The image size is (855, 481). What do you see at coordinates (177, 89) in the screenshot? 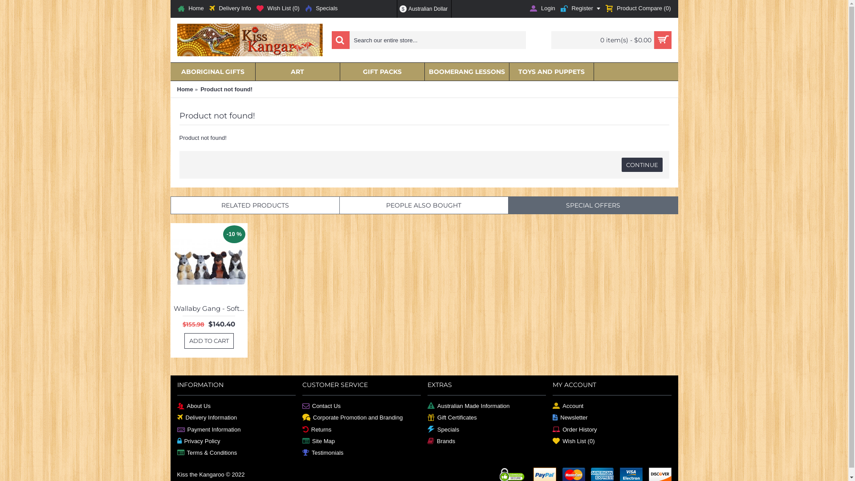
I see `'Home'` at bounding box center [177, 89].